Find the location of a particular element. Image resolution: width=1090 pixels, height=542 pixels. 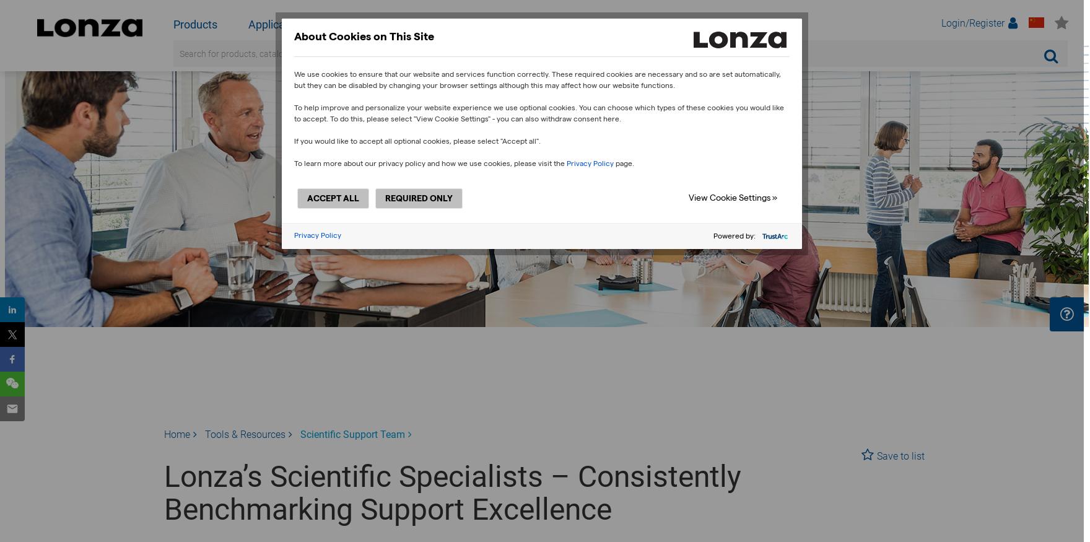

'Save to list' is located at coordinates (876, 456).